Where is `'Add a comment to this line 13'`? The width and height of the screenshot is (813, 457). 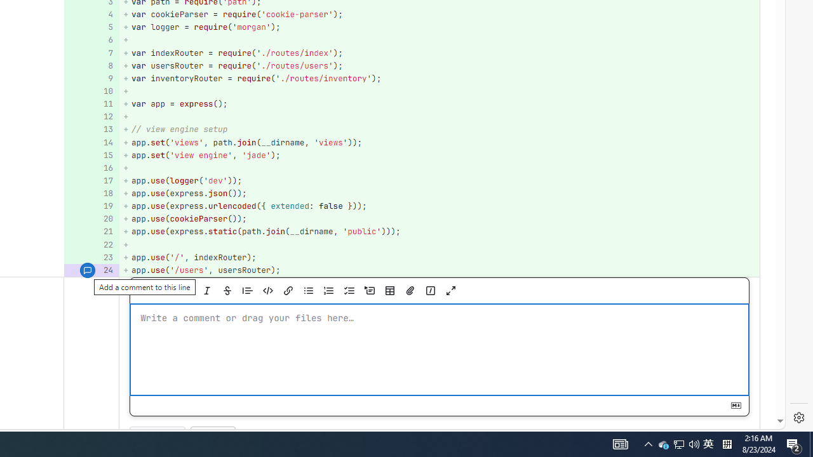
'Add a comment to this line 13' is located at coordinates (91, 129).